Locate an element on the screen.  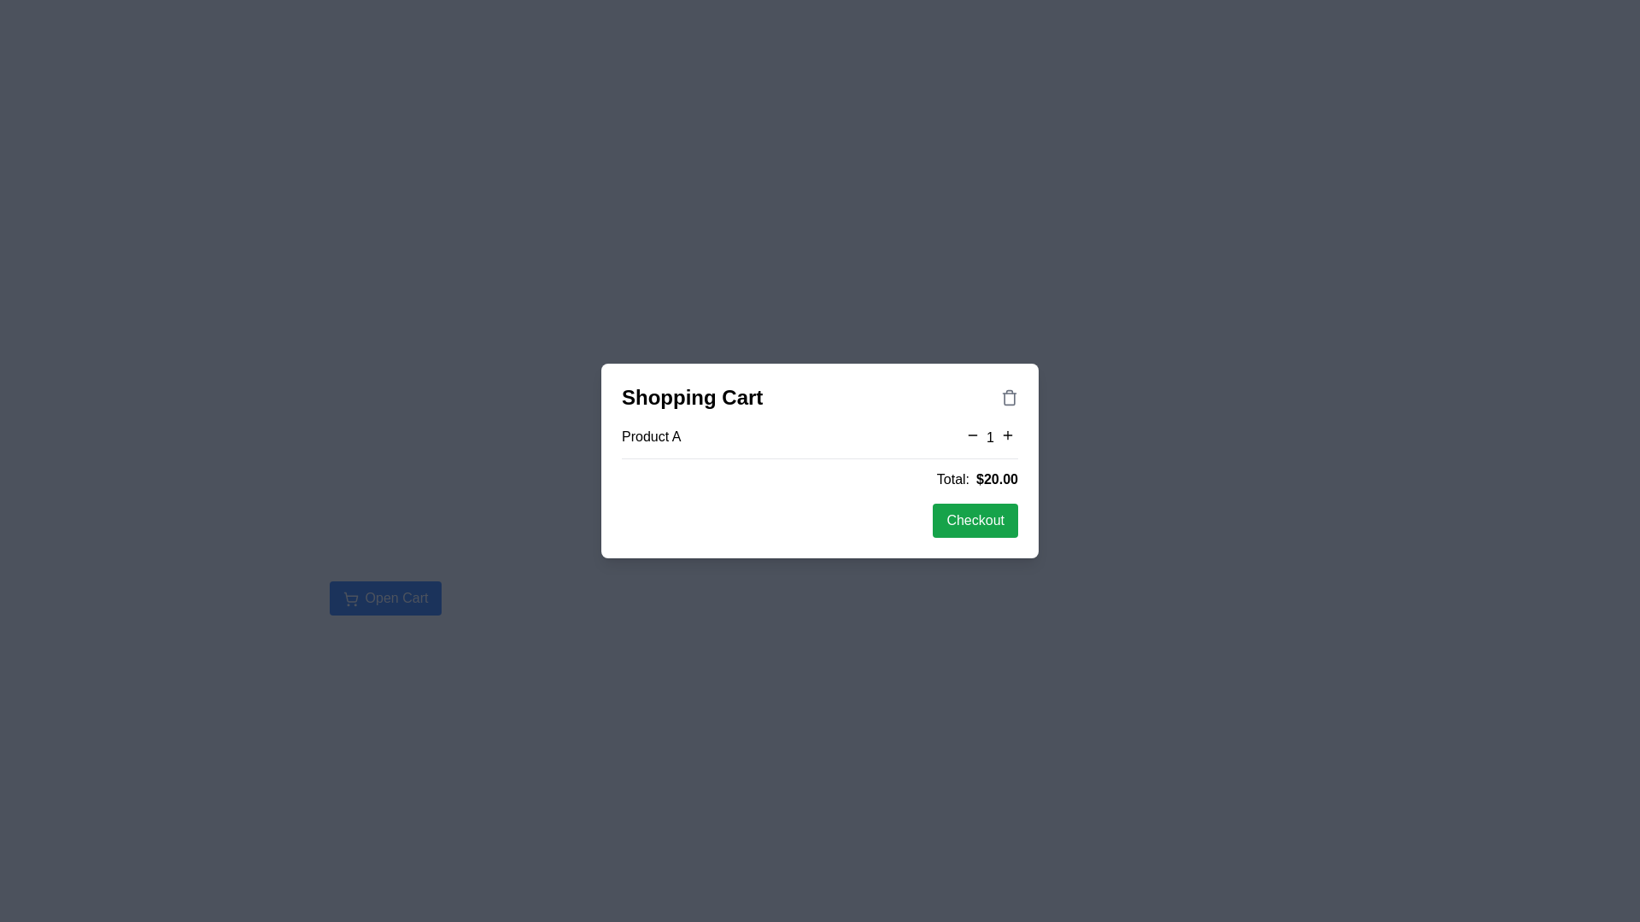
the displayed quantity of the product in the shopping cart, which is centrally positioned between the decrement and increment buttons is located at coordinates (990, 435).